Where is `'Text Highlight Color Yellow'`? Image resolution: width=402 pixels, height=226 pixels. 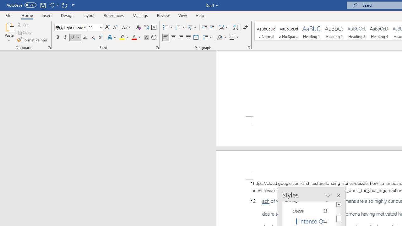
'Text Highlight Color Yellow' is located at coordinates (122, 37).